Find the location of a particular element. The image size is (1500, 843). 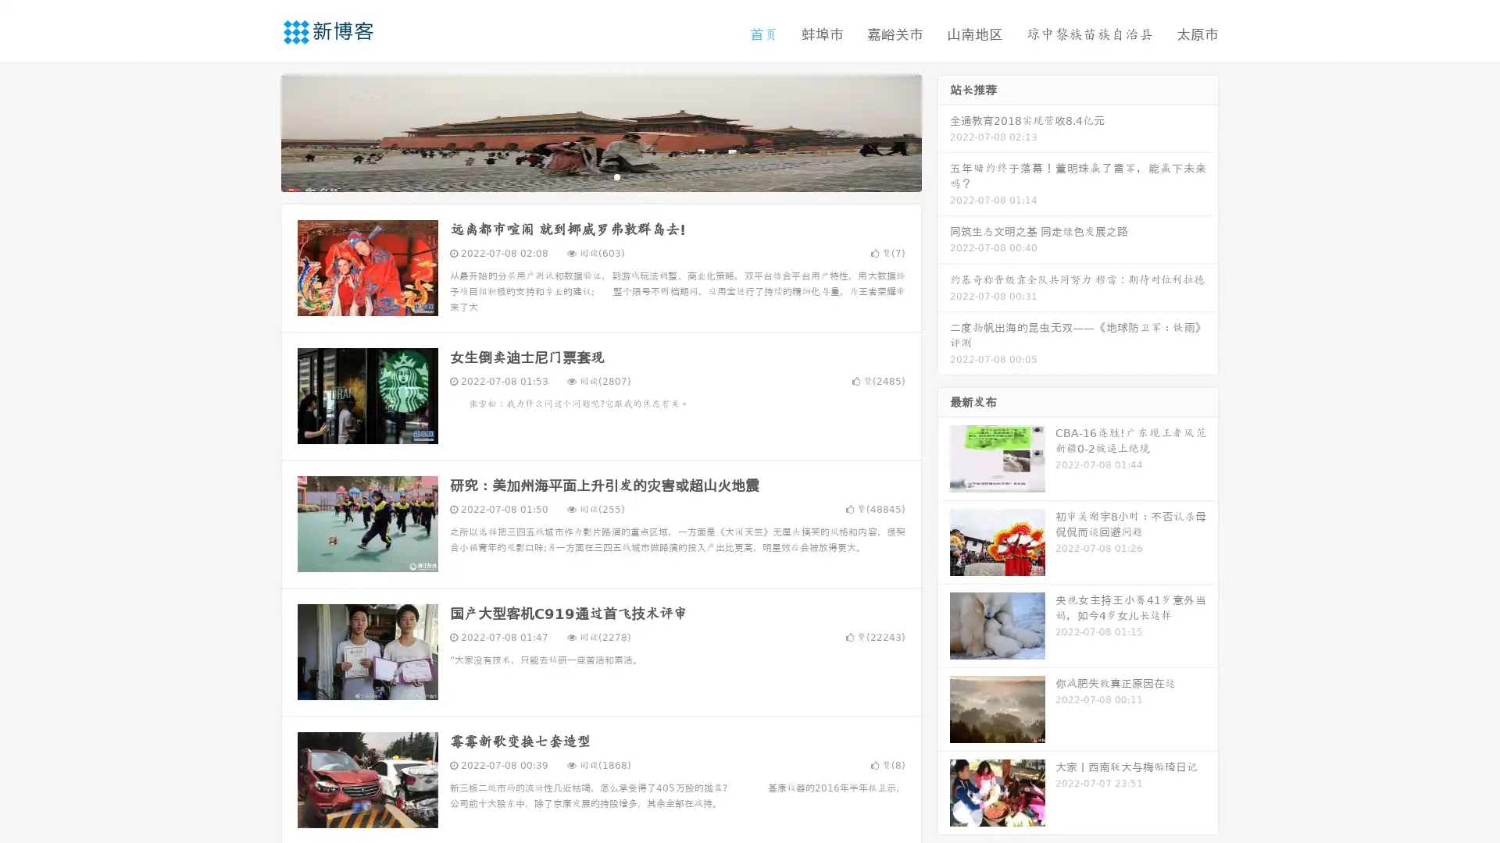

Previous slide is located at coordinates (258, 131).